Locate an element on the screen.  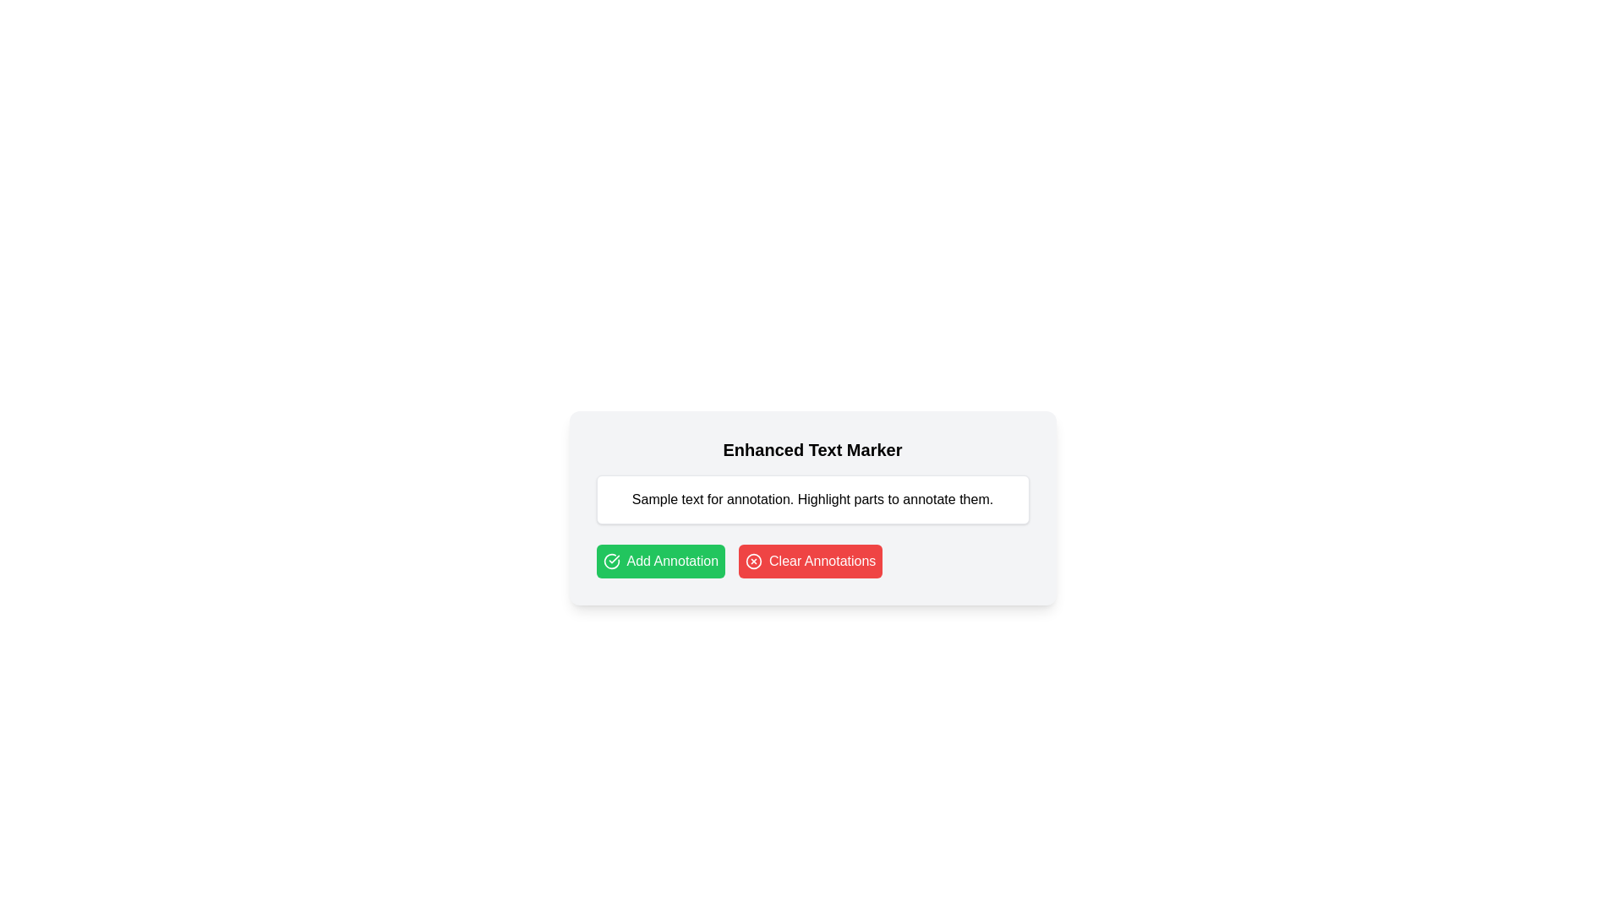
the lowercase letter 'h' in the word 'them' within the paragraph 'Sample text for annotation. Highlight parts to annotate them.' is located at coordinates (966, 498).